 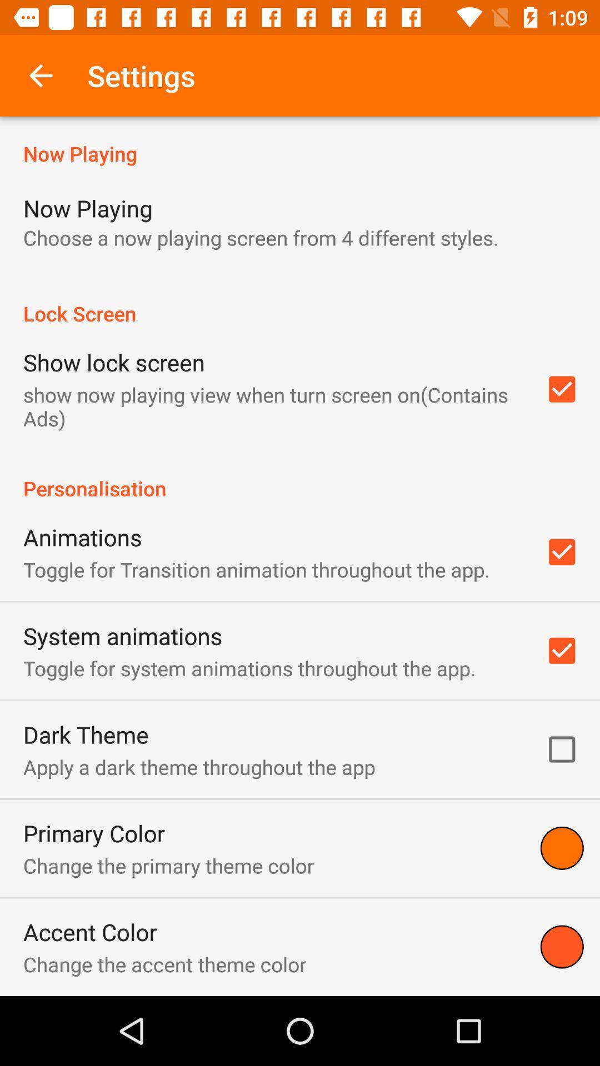 I want to click on icon to the left of settings icon, so click(x=40, y=75).